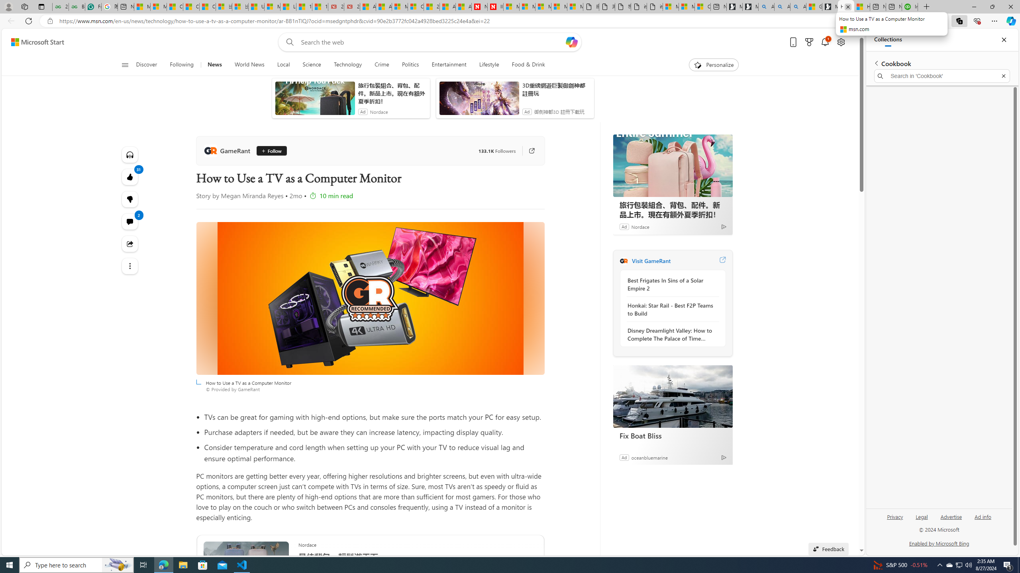 The height and width of the screenshot is (573, 1020). I want to click on 'itconcepthk.com/projector_solutions.mp4', so click(654, 6).